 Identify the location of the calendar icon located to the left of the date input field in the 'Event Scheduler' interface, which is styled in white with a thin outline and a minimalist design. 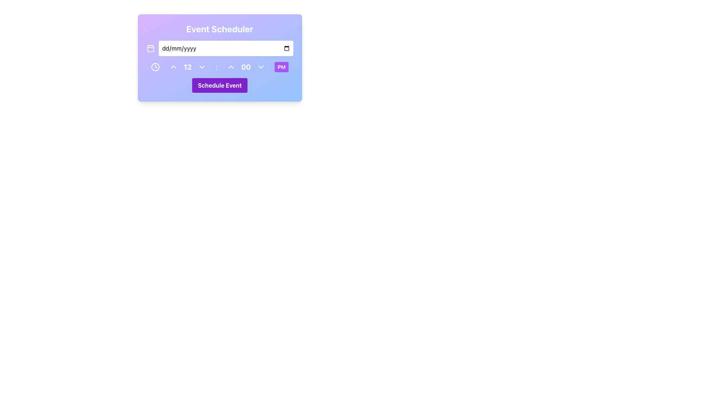
(150, 48).